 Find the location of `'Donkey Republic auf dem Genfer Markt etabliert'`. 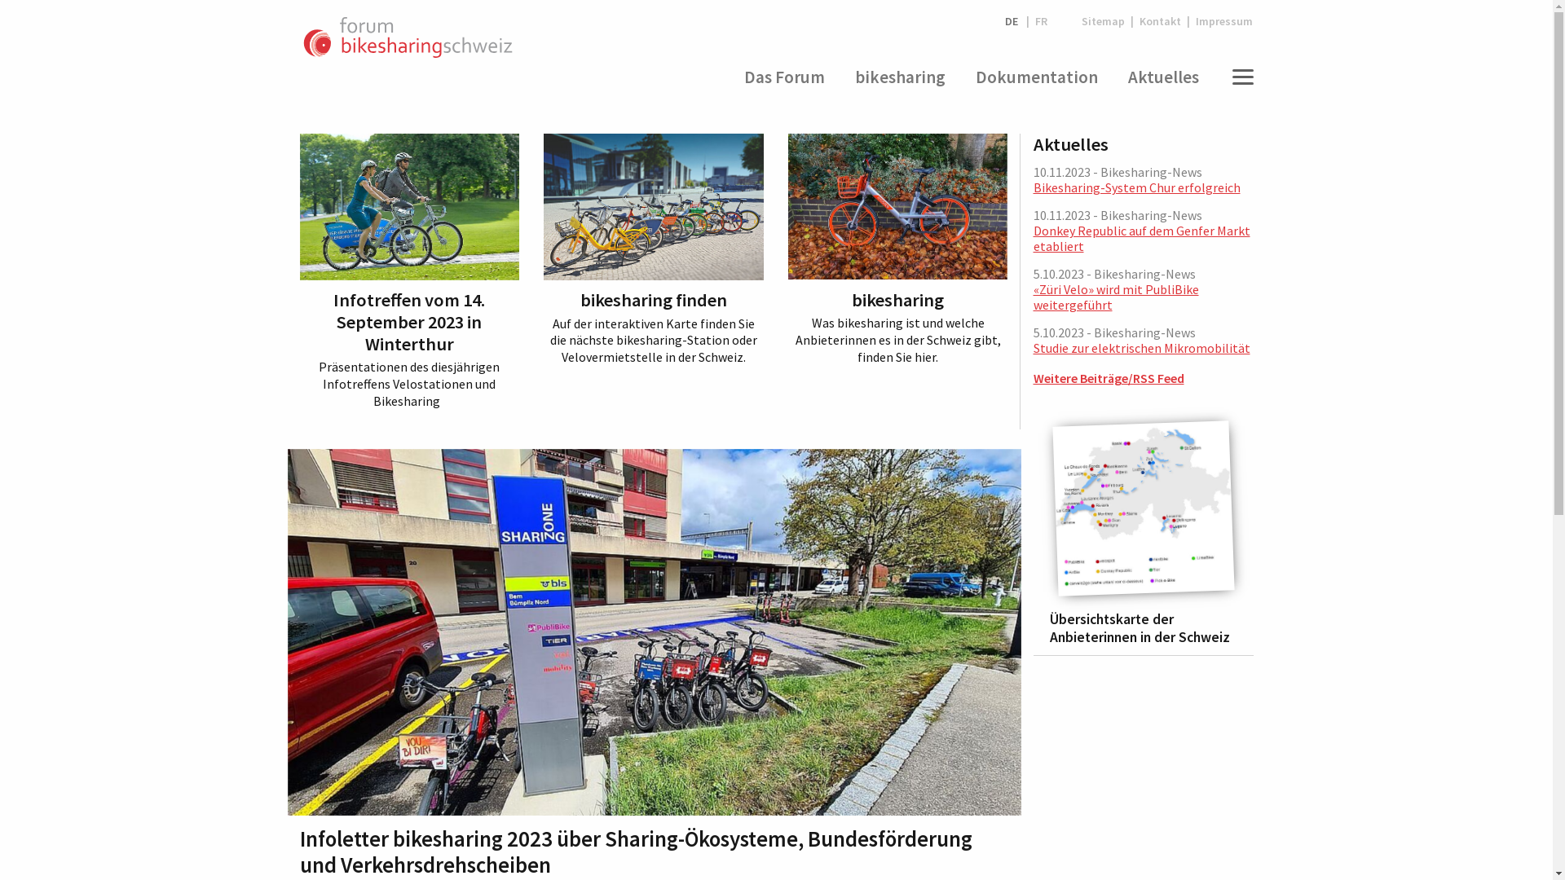

'Donkey Republic auf dem Genfer Markt etabliert' is located at coordinates (1141, 238).